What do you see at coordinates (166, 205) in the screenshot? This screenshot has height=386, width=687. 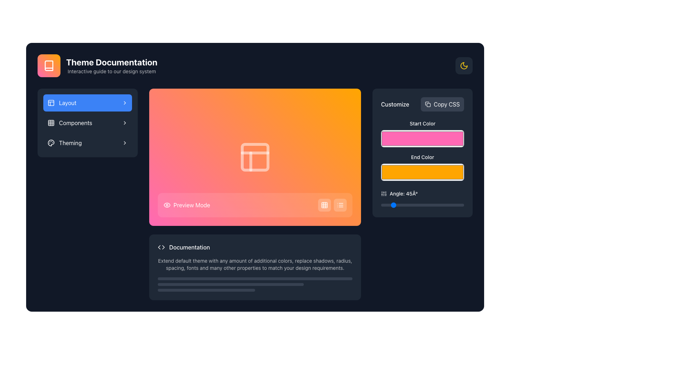 I see `the circular icon with a simplified eye symbol, which is outlined in white against a pink background, located to the left of the text 'Preview Mode' at the bottom-left corner of the interactive panel` at bounding box center [166, 205].